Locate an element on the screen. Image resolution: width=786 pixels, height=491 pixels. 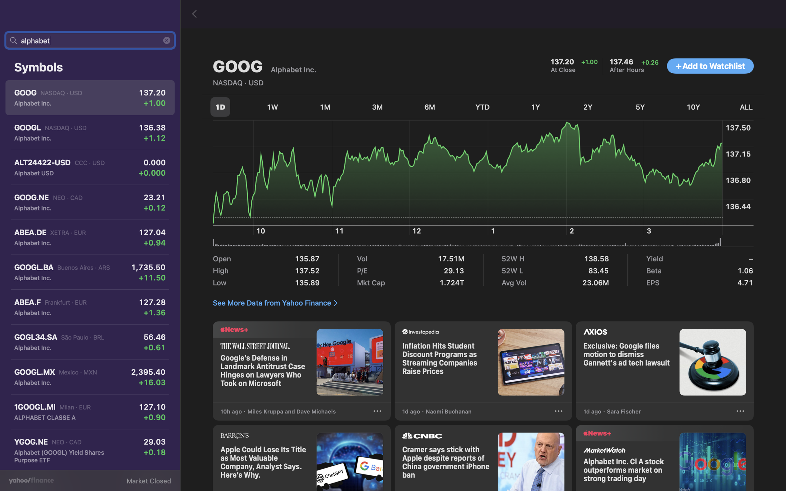
the stock in the watchlist is located at coordinates (710, 66).